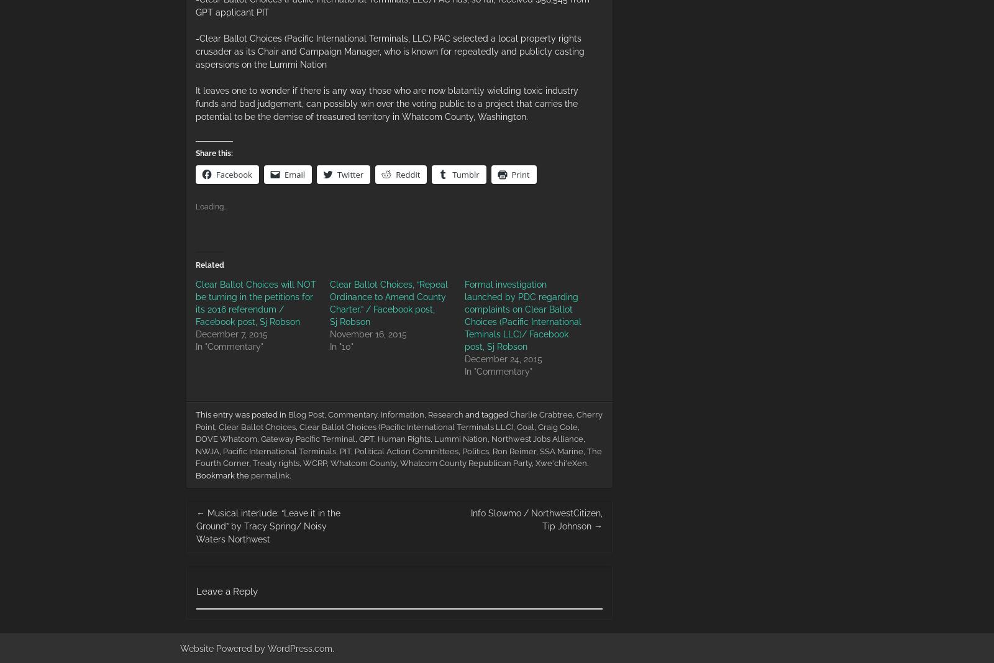  Describe the element at coordinates (256, 426) in the screenshot. I see `'Clear Ballot Choices'` at that location.